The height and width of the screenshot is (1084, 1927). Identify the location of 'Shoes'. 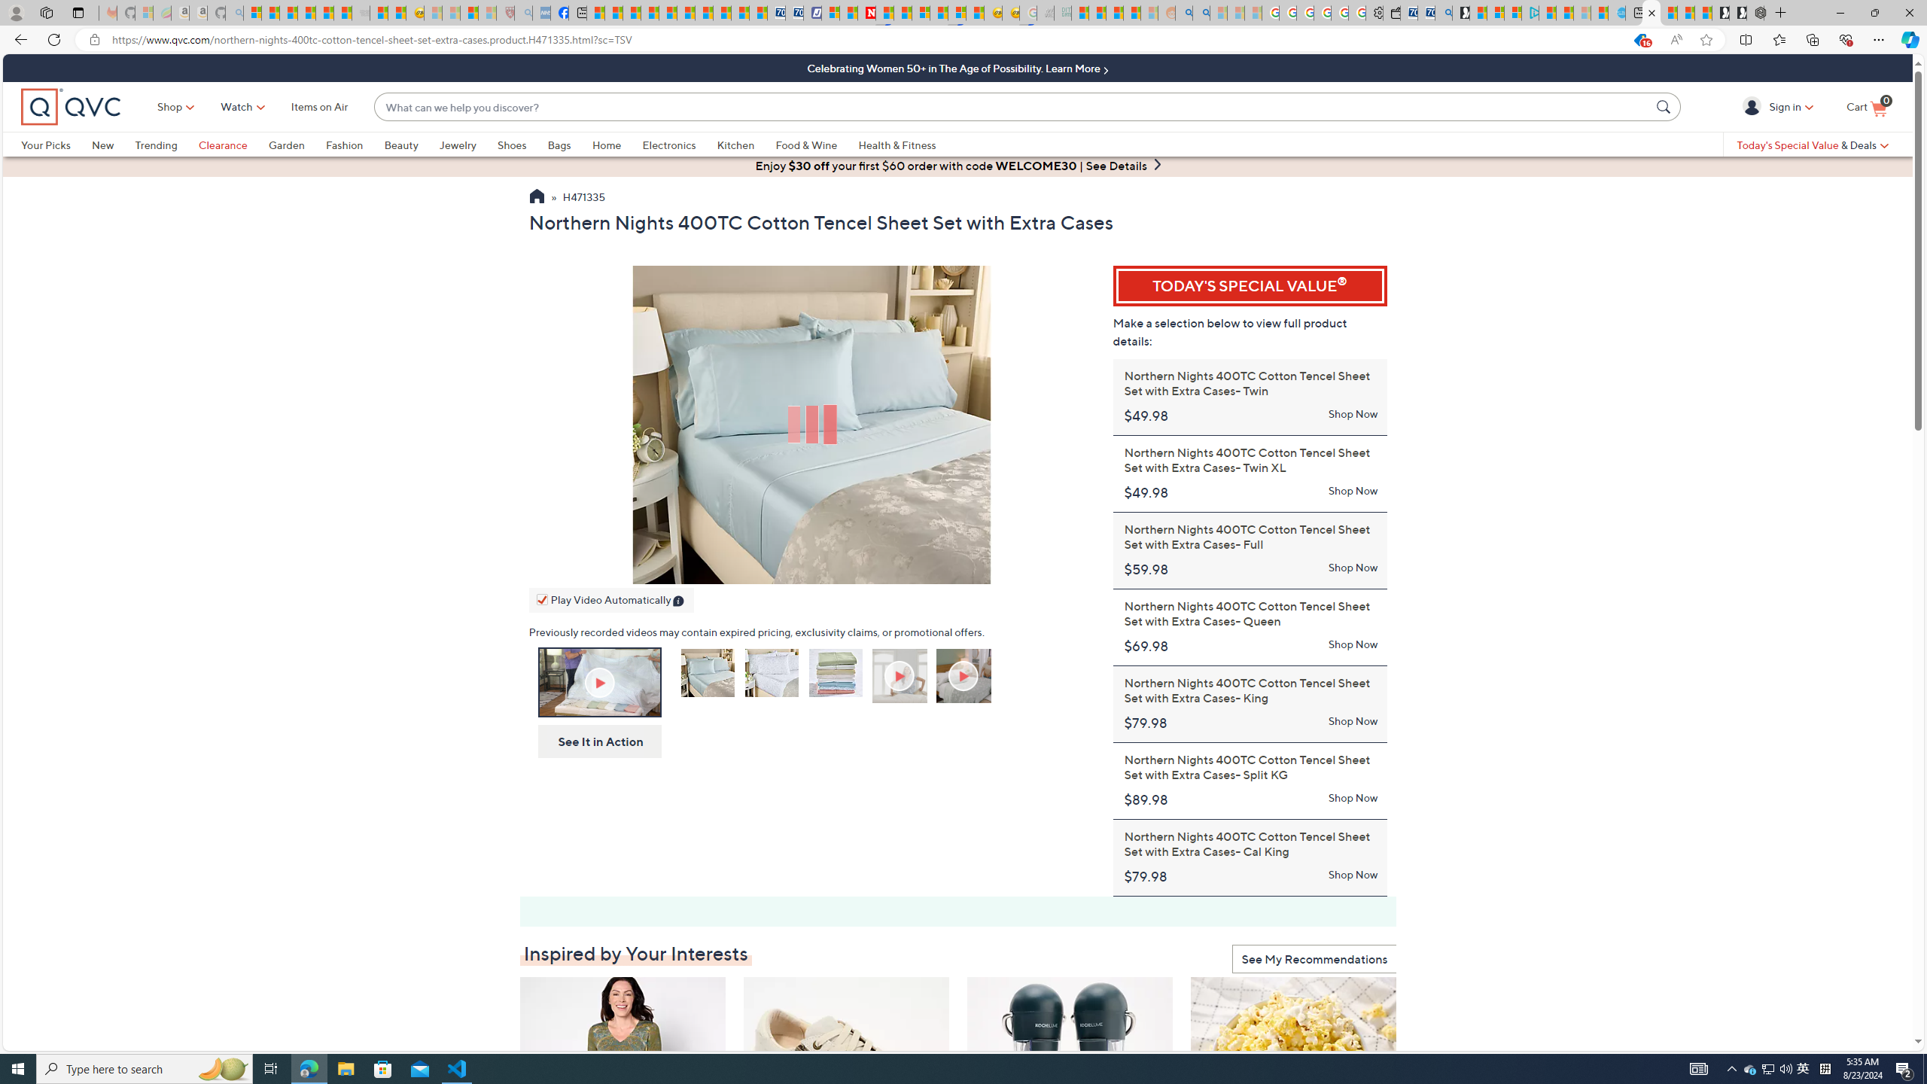
(521, 144).